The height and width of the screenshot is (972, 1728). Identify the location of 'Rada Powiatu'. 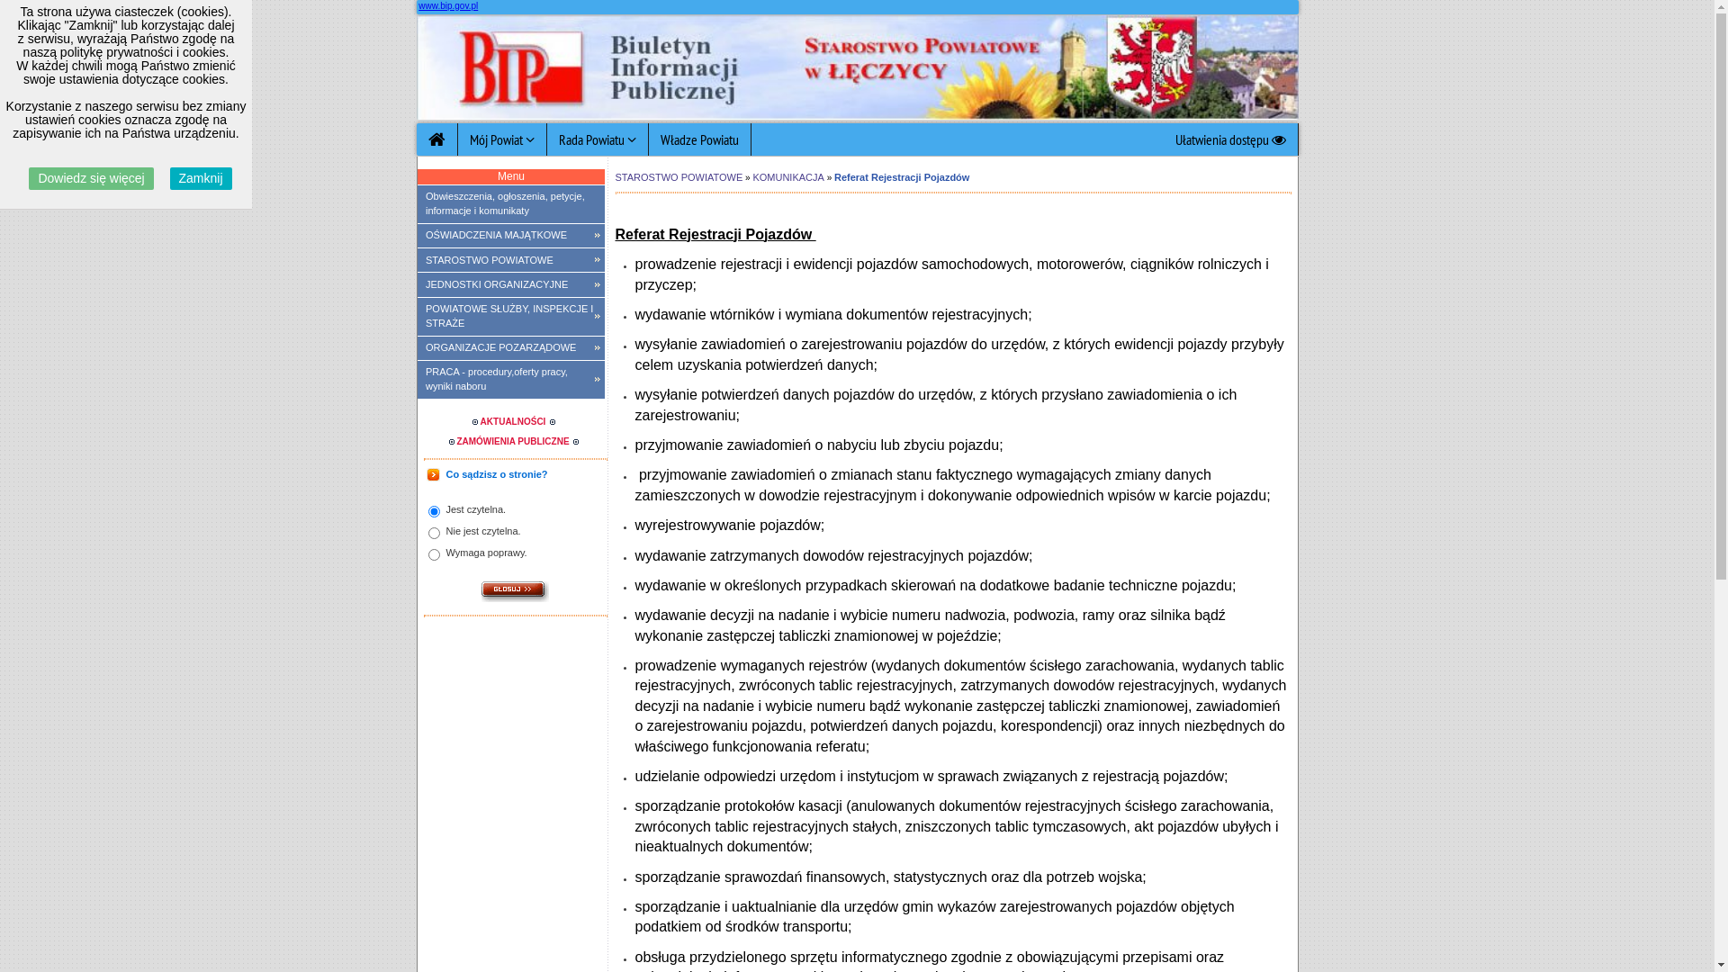
(598, 138).